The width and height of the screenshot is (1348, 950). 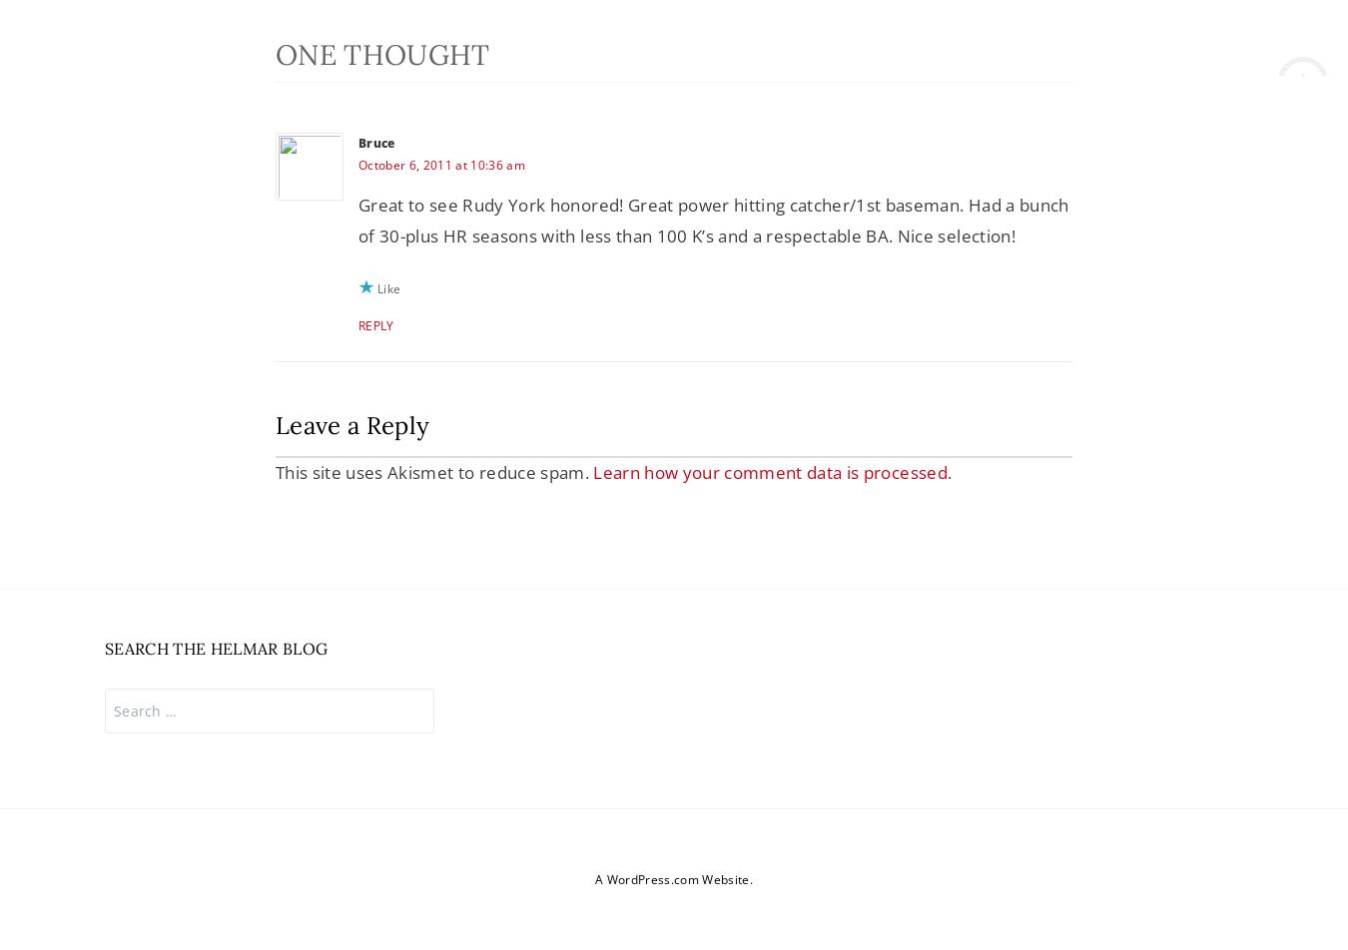 What do you see at coordinates (357, 164) in the screenshot?
I see `'October 6, 2011 at 10:36 am'` at bounding box center [357, 164].